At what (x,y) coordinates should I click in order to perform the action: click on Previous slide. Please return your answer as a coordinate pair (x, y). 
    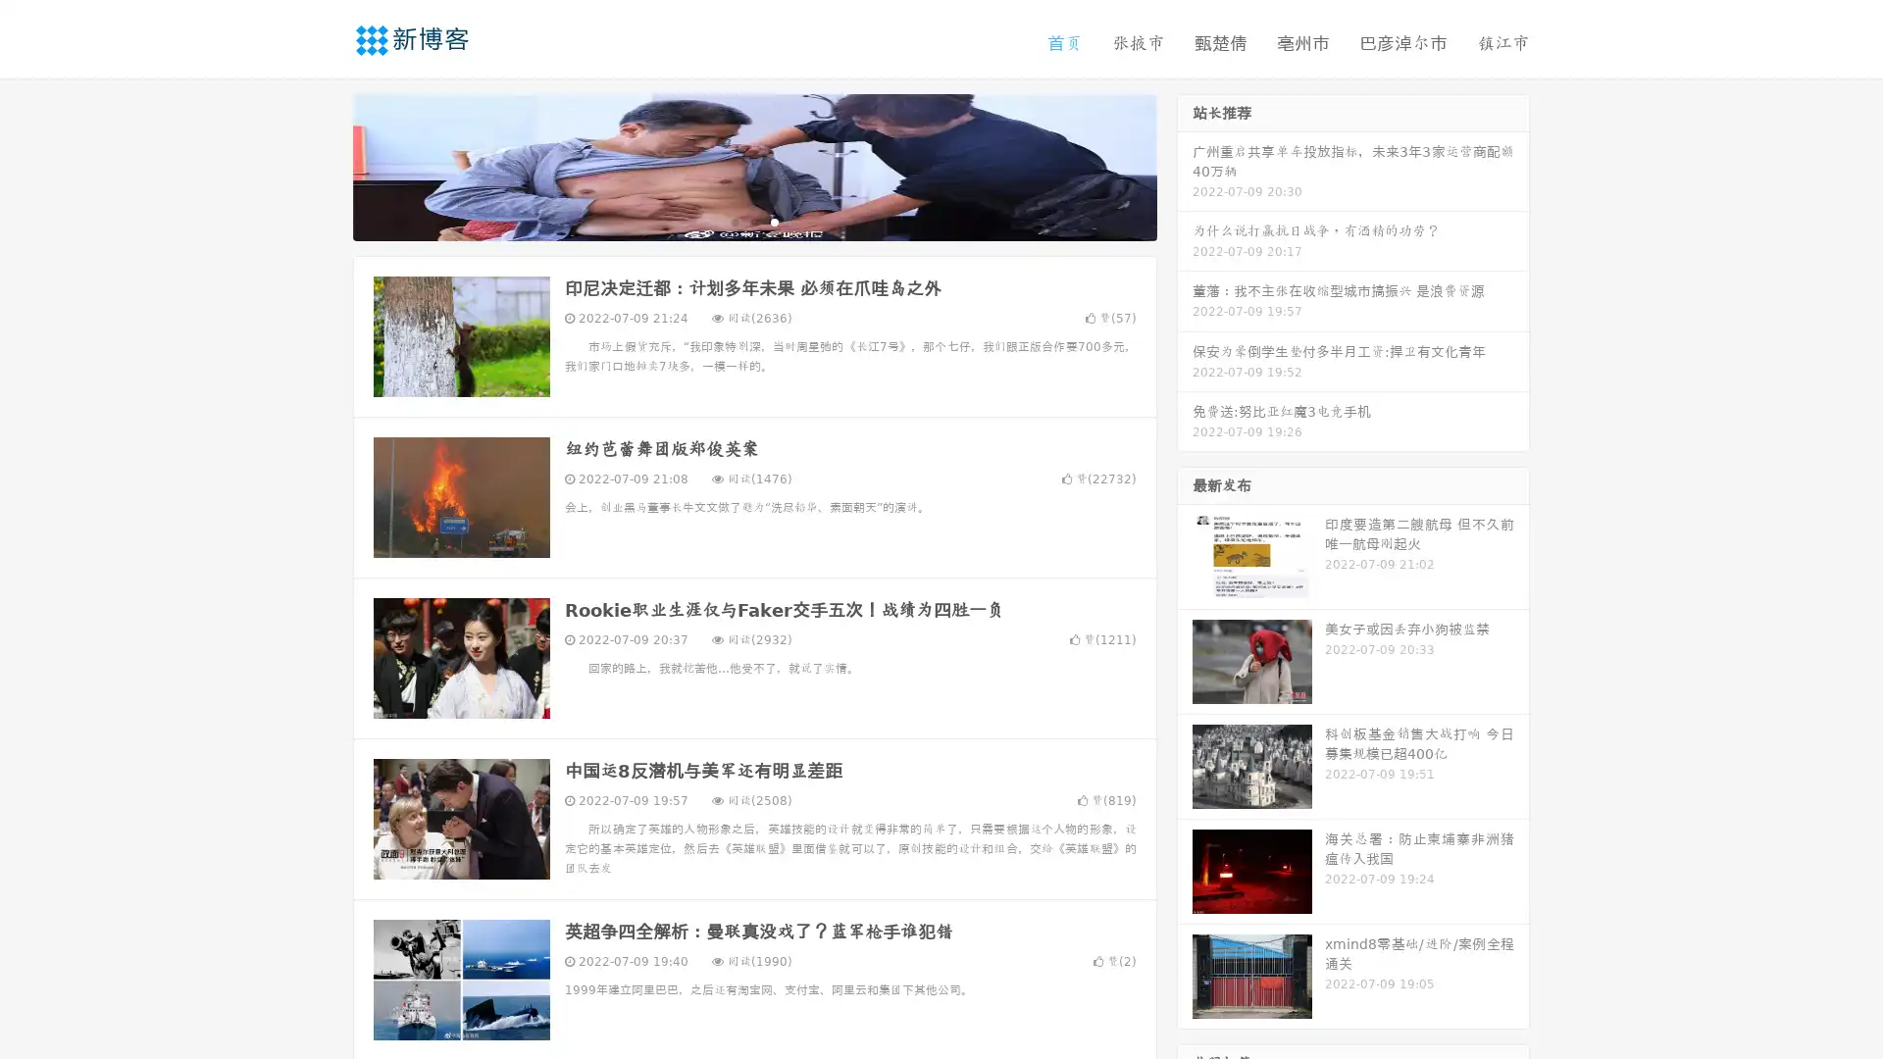
    Looking at the image, I should click on (324, 165).